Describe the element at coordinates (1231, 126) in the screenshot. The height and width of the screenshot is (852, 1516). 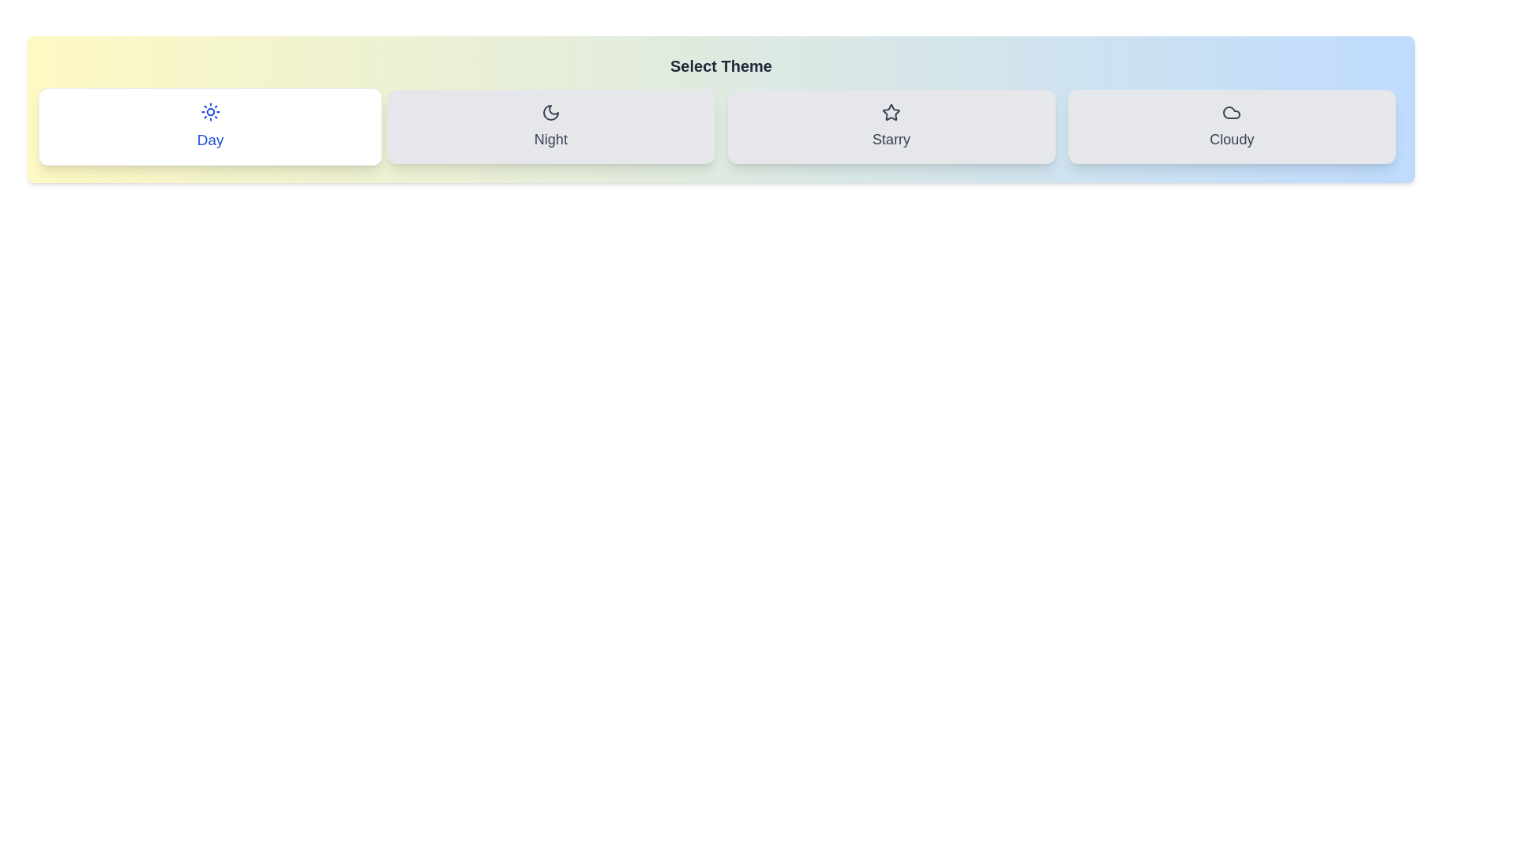
I see `the button corresponding to the Cloudy theme` at that location.